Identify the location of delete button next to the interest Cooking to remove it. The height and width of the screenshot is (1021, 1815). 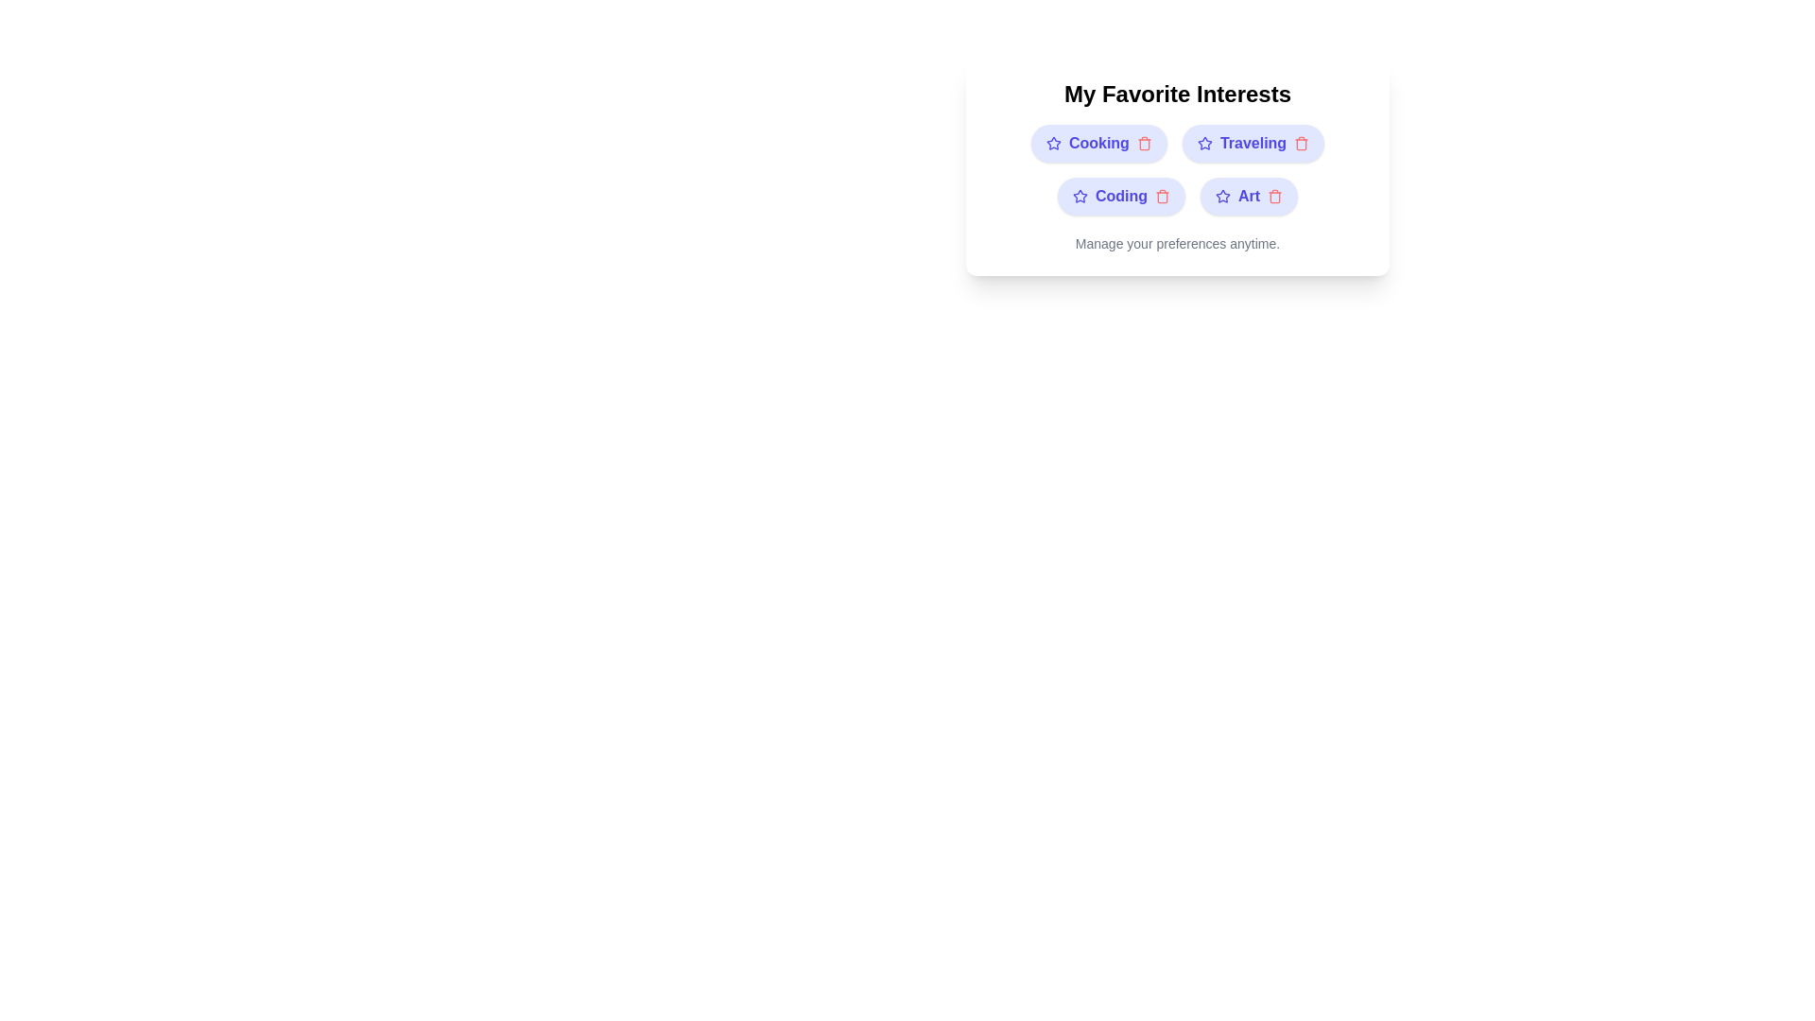
(1143, 142).